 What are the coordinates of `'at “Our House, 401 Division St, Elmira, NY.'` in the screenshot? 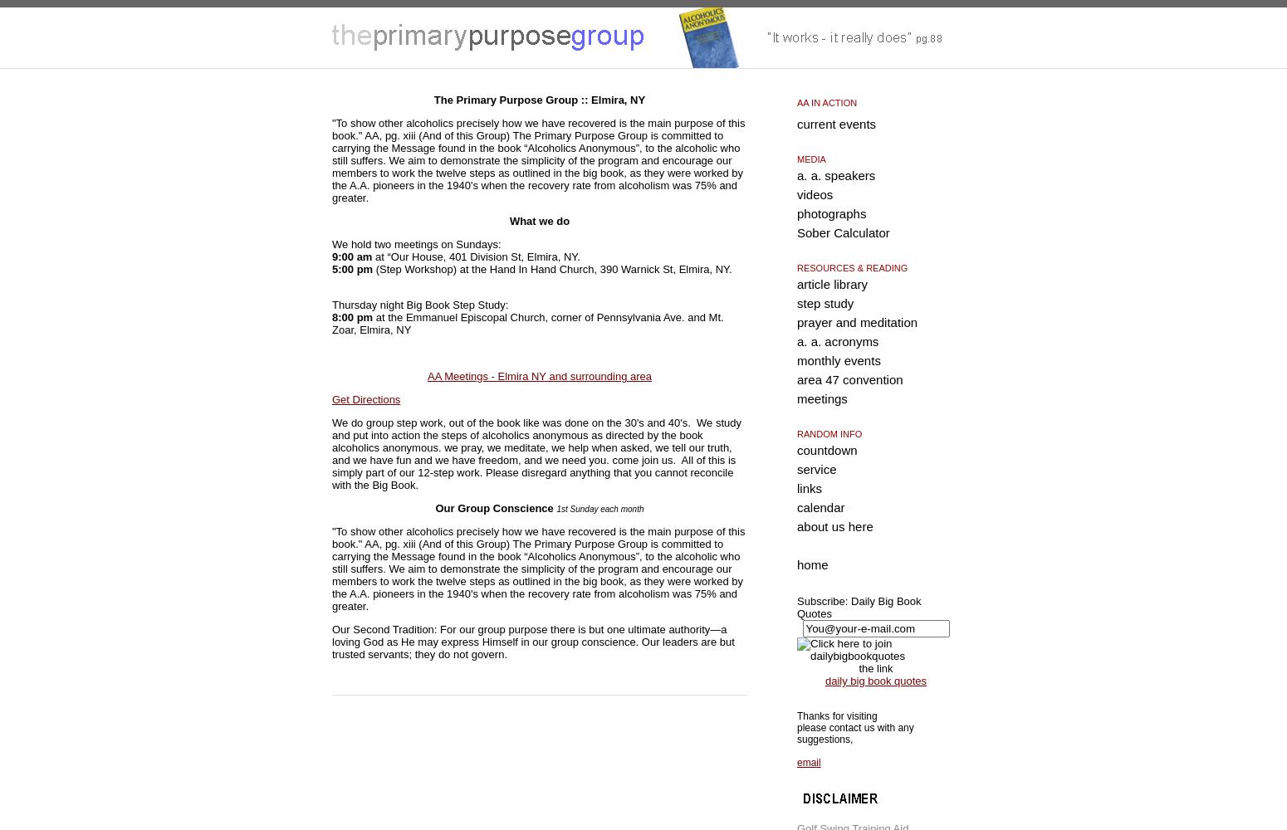 It's located at (479, 256).